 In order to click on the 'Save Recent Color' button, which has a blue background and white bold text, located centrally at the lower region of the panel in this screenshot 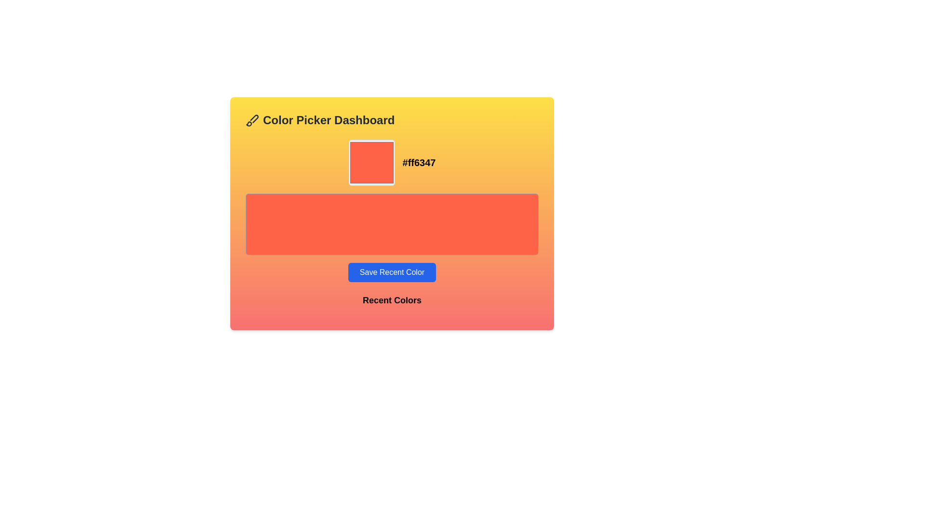, I will do `click(392, 273)`.